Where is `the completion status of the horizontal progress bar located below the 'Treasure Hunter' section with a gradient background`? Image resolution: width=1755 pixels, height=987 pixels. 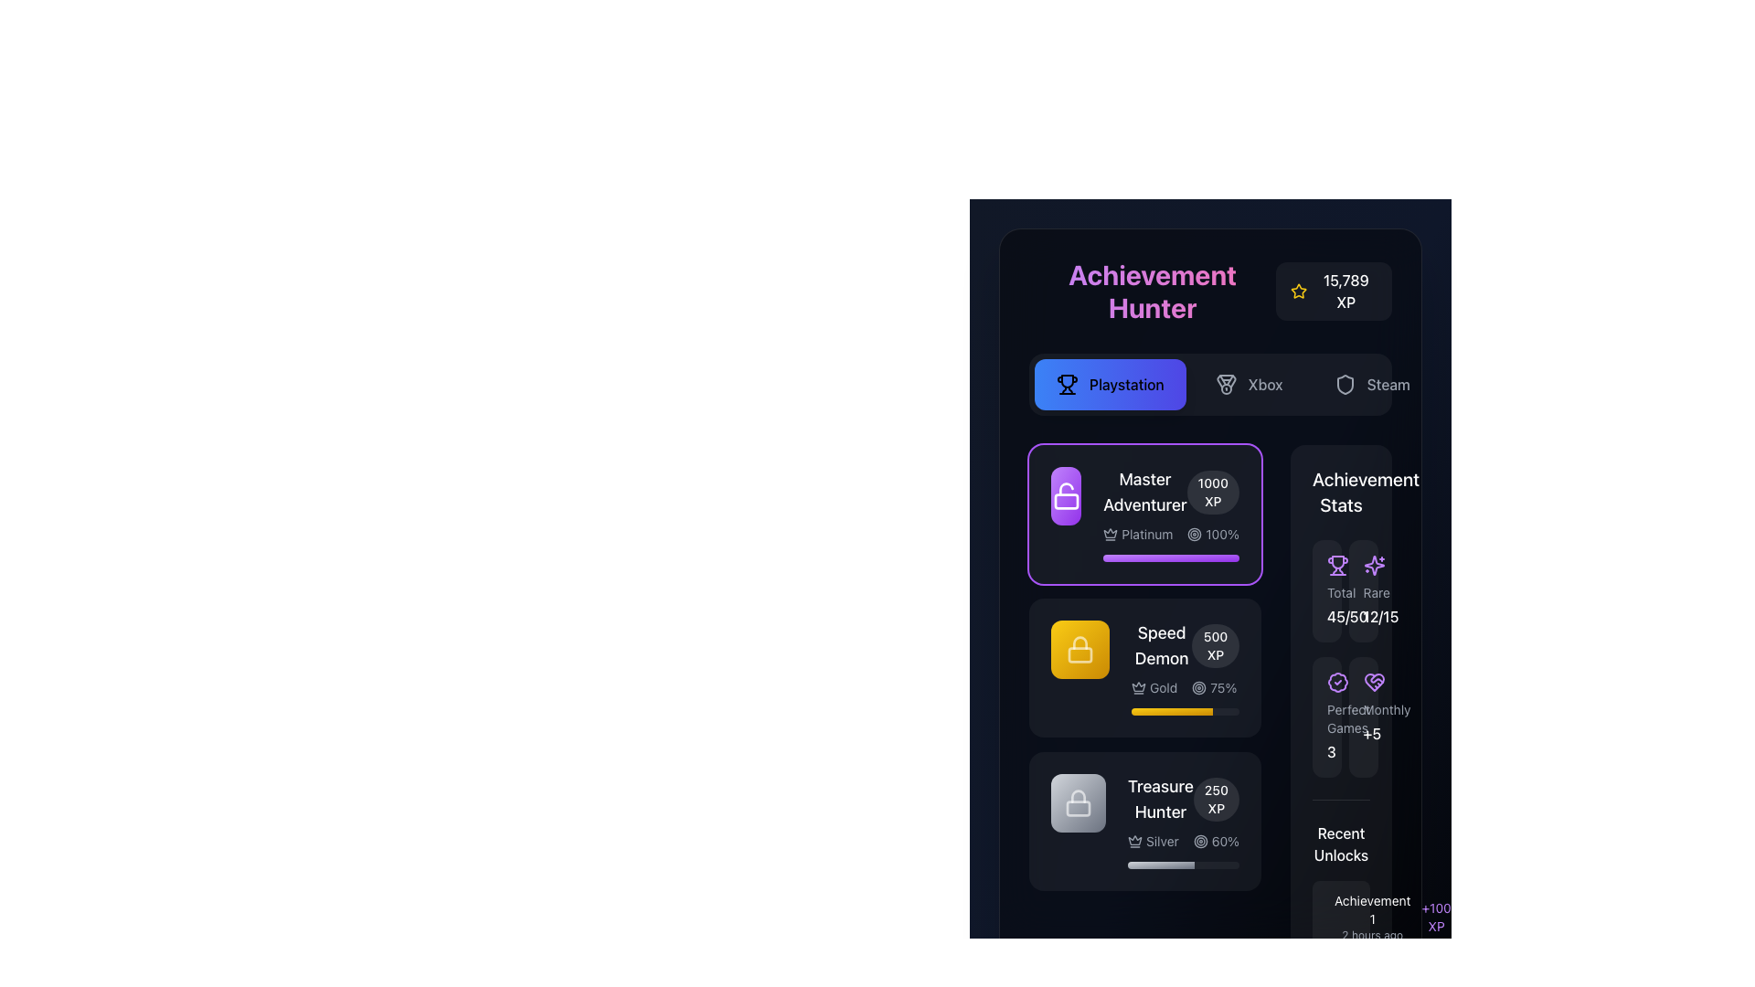
the completion status of the horizontal progress bar located below the 'Treasure Hunter' section with a gradient background is located at coordinates (1160, 865).